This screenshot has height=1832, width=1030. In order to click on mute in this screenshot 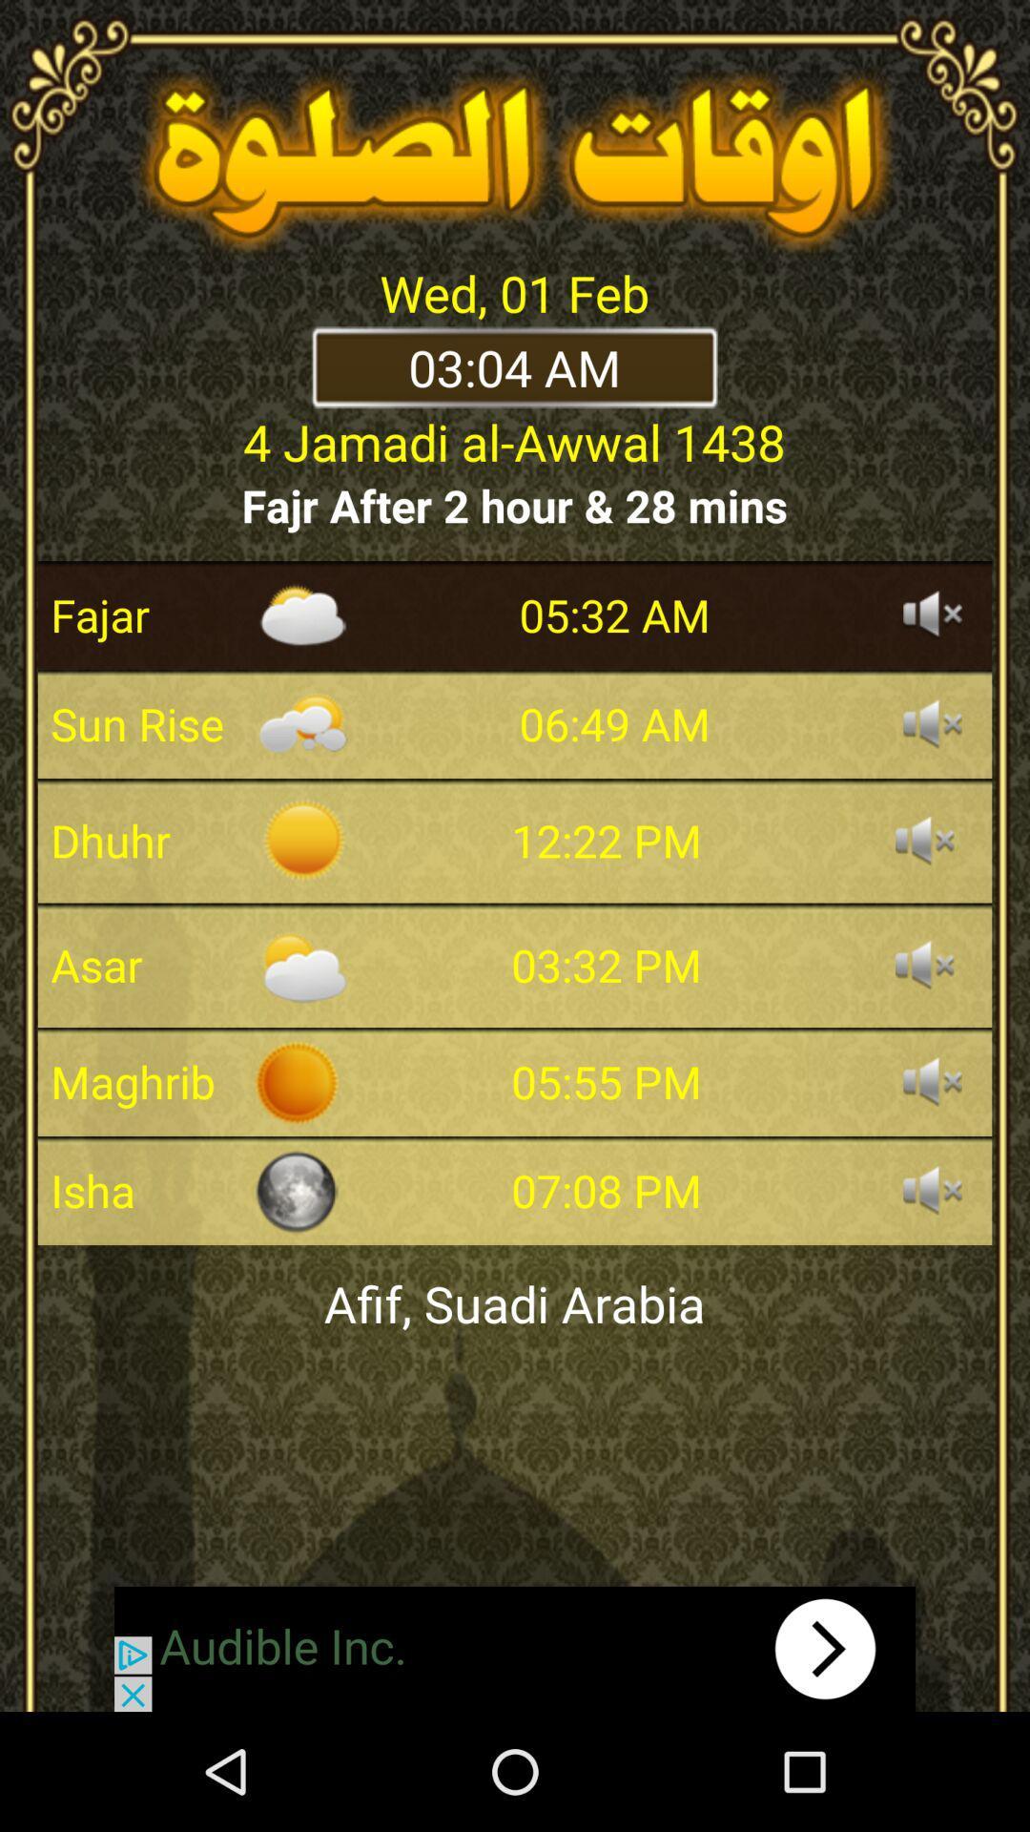, I will do `click(932, 1081)`.